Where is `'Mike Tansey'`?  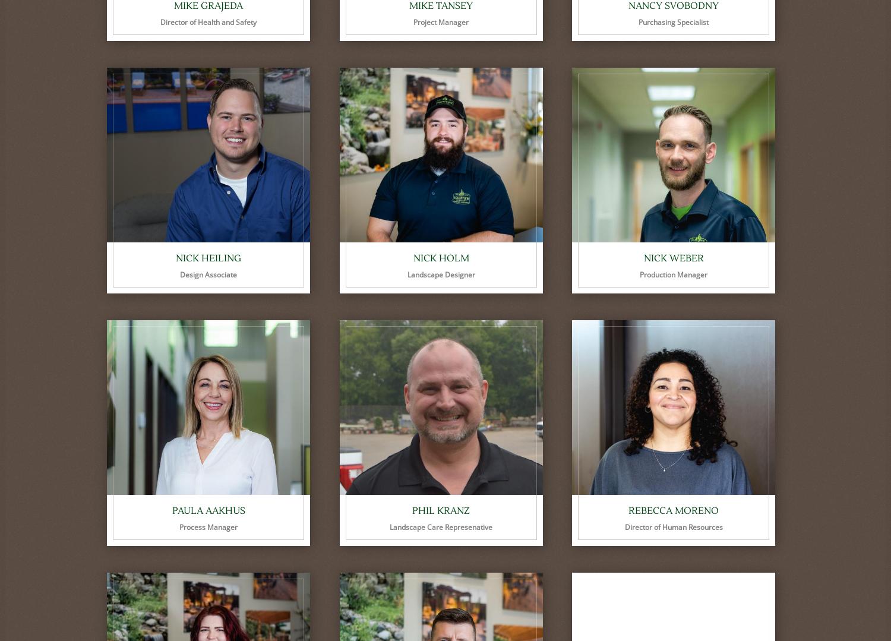
'Mike Tansey' is located at coordinates (440, 6).